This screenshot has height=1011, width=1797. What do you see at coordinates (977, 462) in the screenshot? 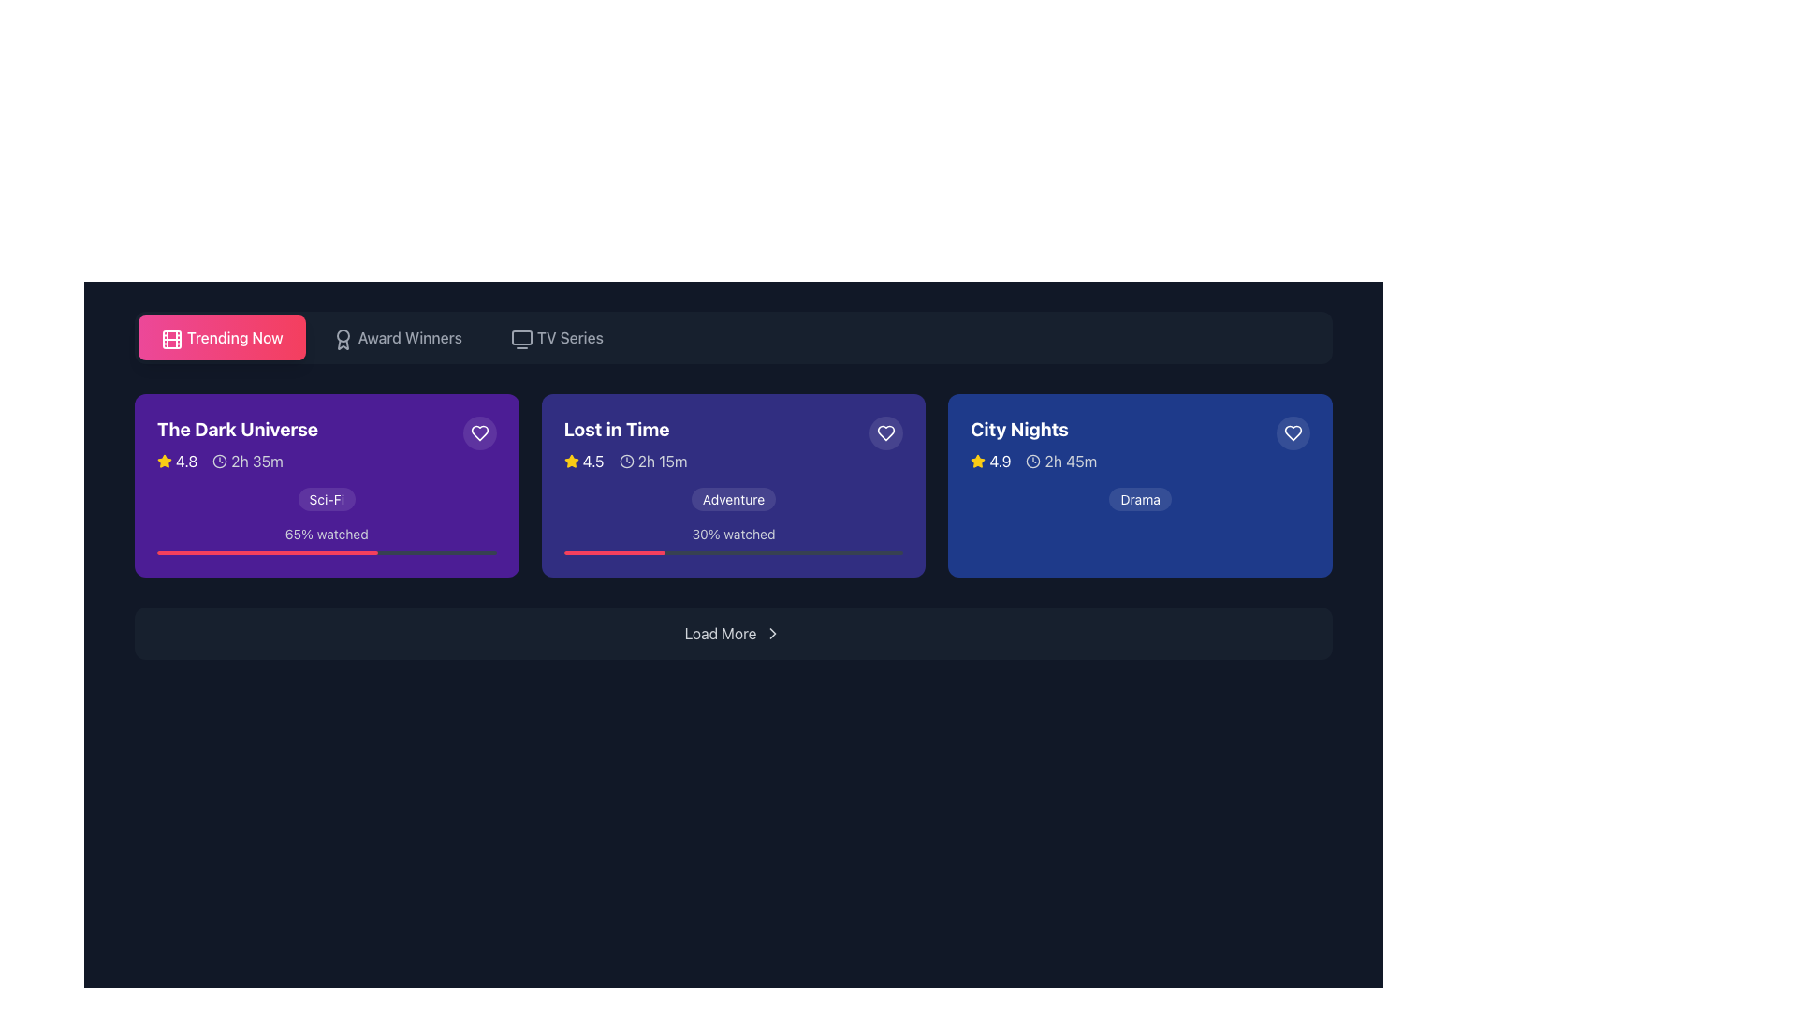
I see `the star-shaped icon with a yellow fill and blue background, located in the rightmost film card, above the main text and to the left of the '4.9' rating text` at bounding box center [977, 462].